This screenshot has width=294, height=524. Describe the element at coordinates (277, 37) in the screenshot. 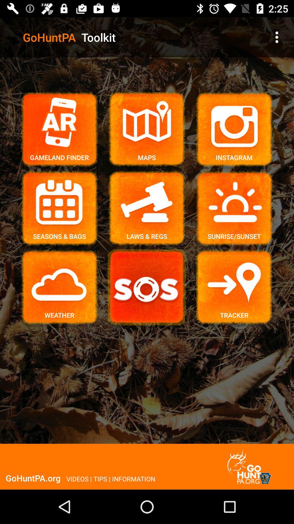

I see `item above instagram icon` at that location.